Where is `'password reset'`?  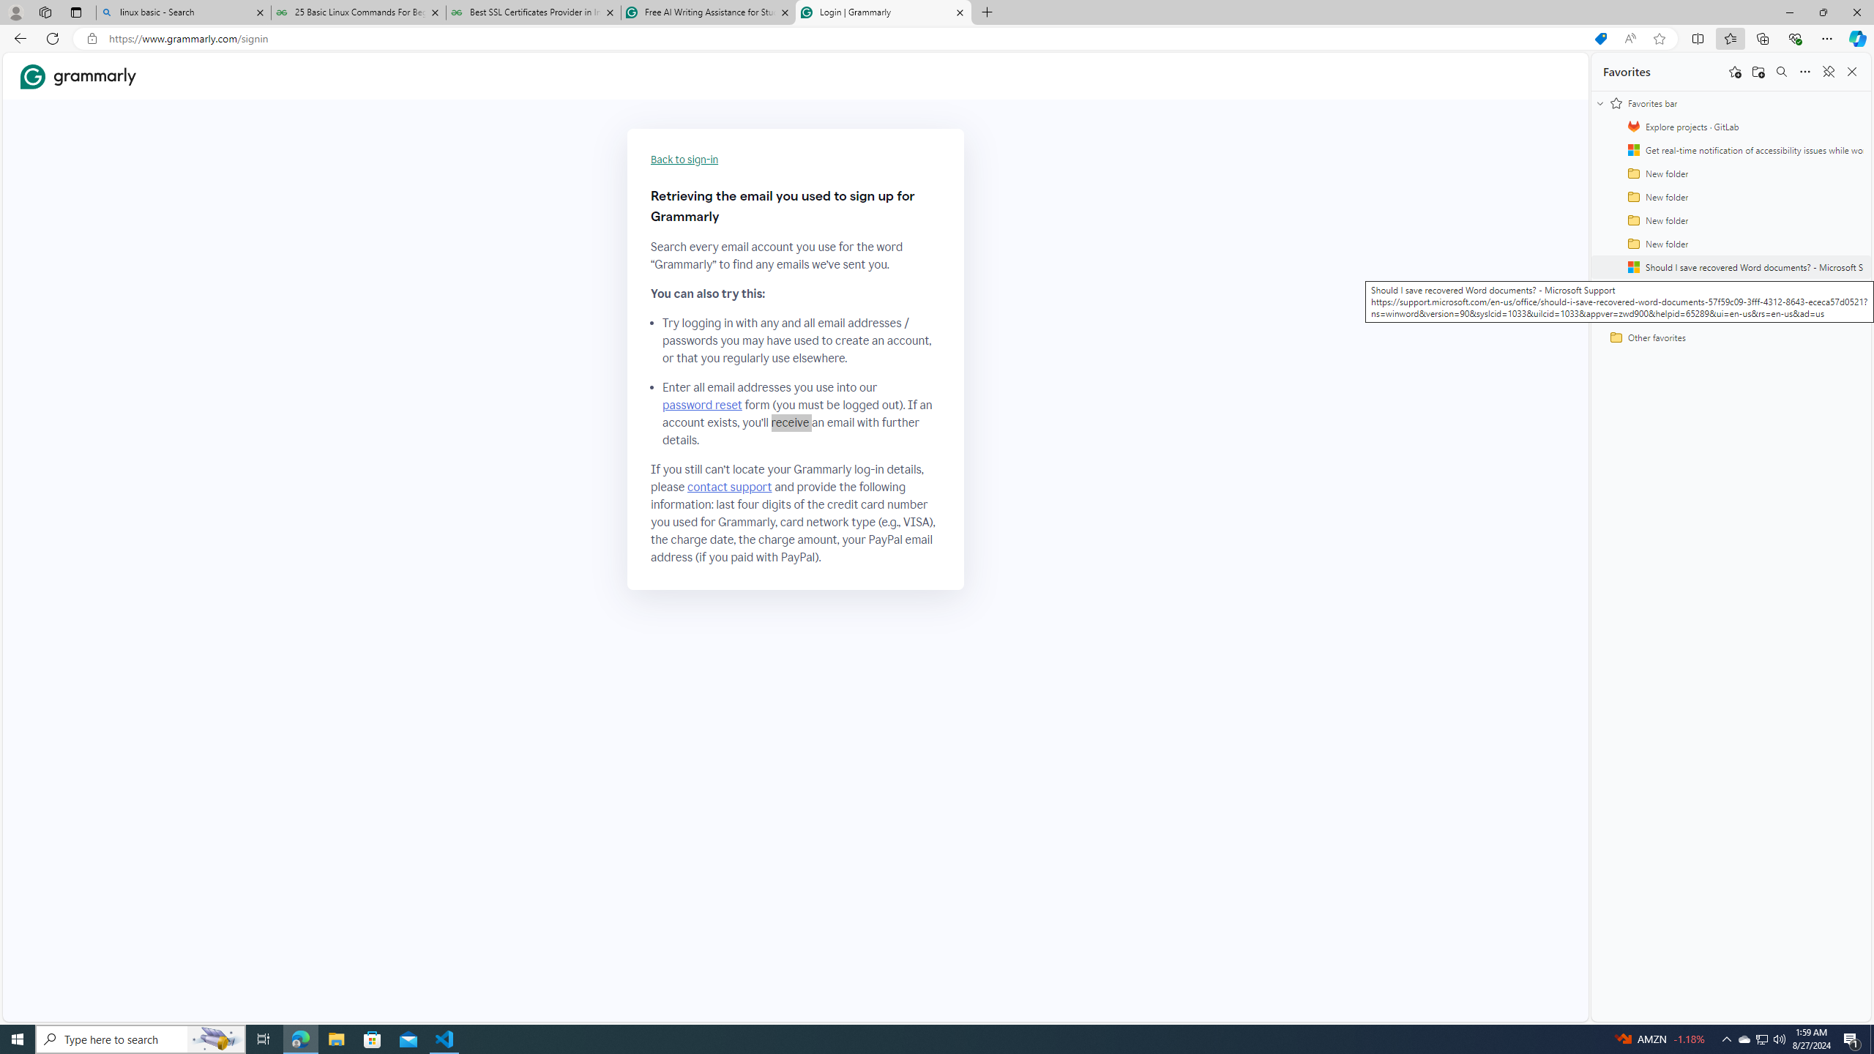 'password reset' is located at coordinates (702, 404).